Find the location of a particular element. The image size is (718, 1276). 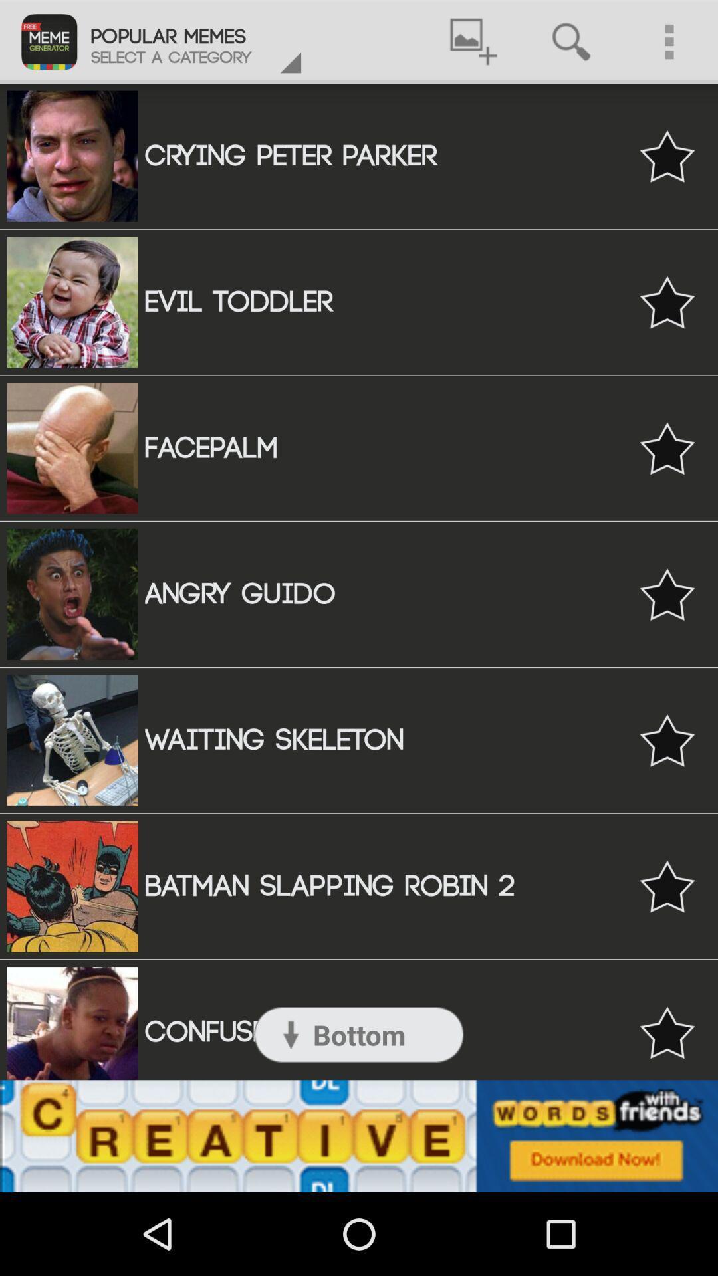

this meme is located at coordinates (667, 740).